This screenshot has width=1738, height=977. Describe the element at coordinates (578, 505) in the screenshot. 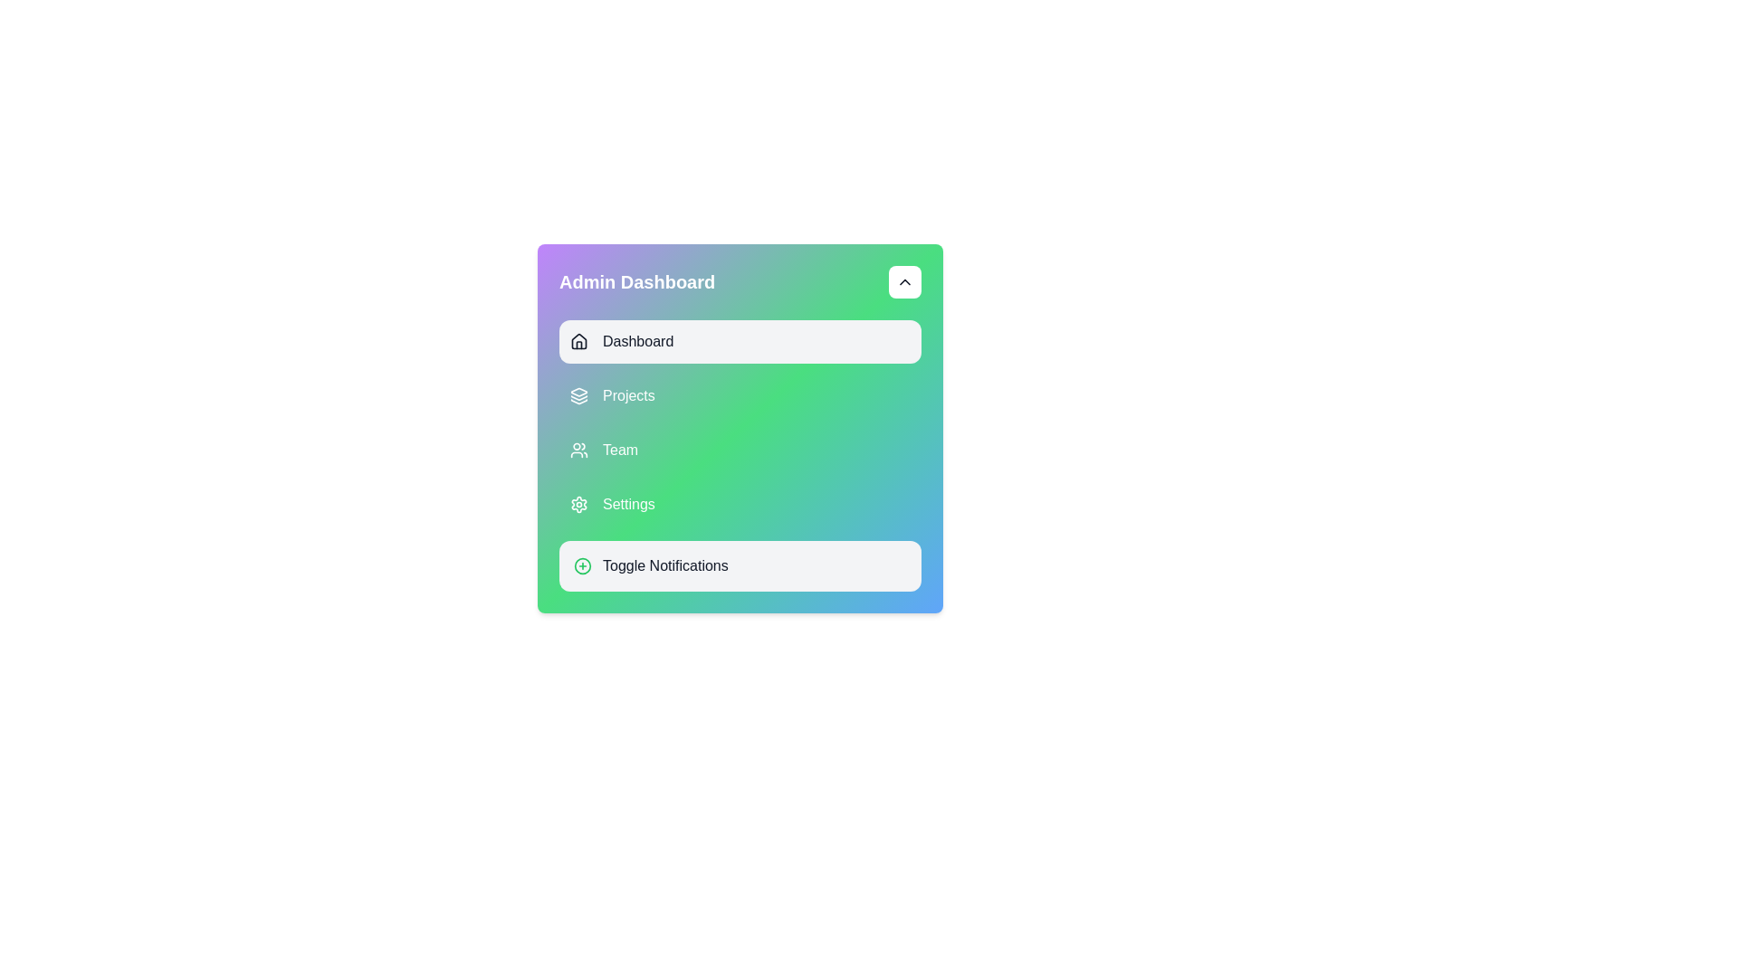

I see `the primary cogwheel structure of the settings icon located towards the right side of the menu, adjacent to the 'Settings' label` at that location.